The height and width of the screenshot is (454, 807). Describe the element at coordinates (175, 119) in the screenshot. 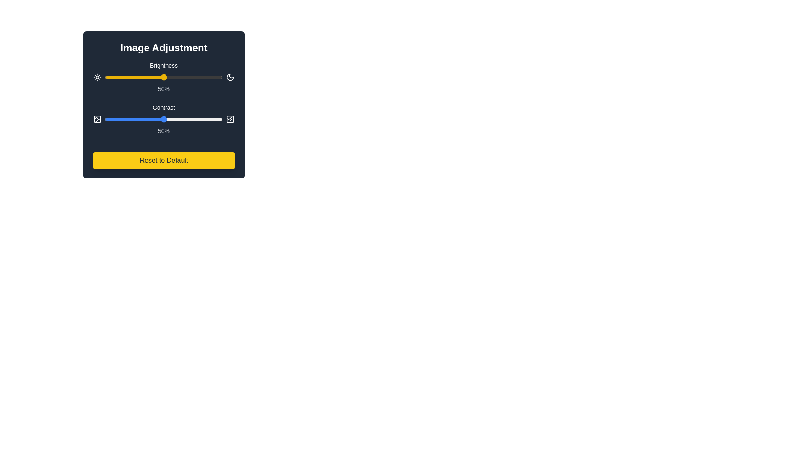

I see `contrast` at that location.